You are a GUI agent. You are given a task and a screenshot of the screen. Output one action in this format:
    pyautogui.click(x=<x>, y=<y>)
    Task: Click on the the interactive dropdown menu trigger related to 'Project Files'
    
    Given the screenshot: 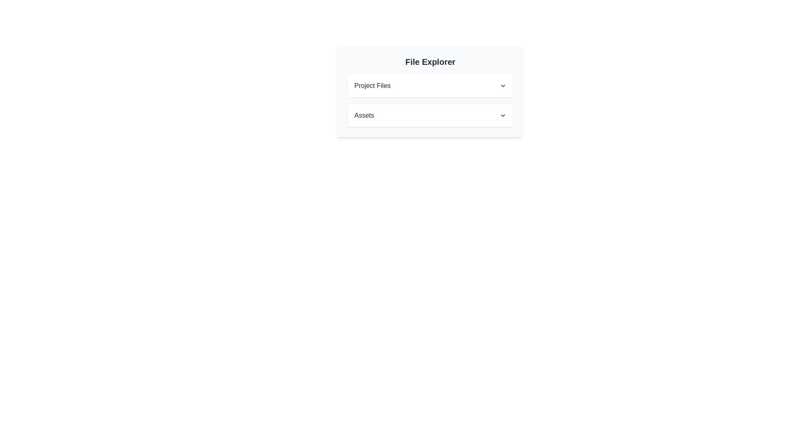 What is the action you would take?
    pyautogui.click(x=430, y=86)
    